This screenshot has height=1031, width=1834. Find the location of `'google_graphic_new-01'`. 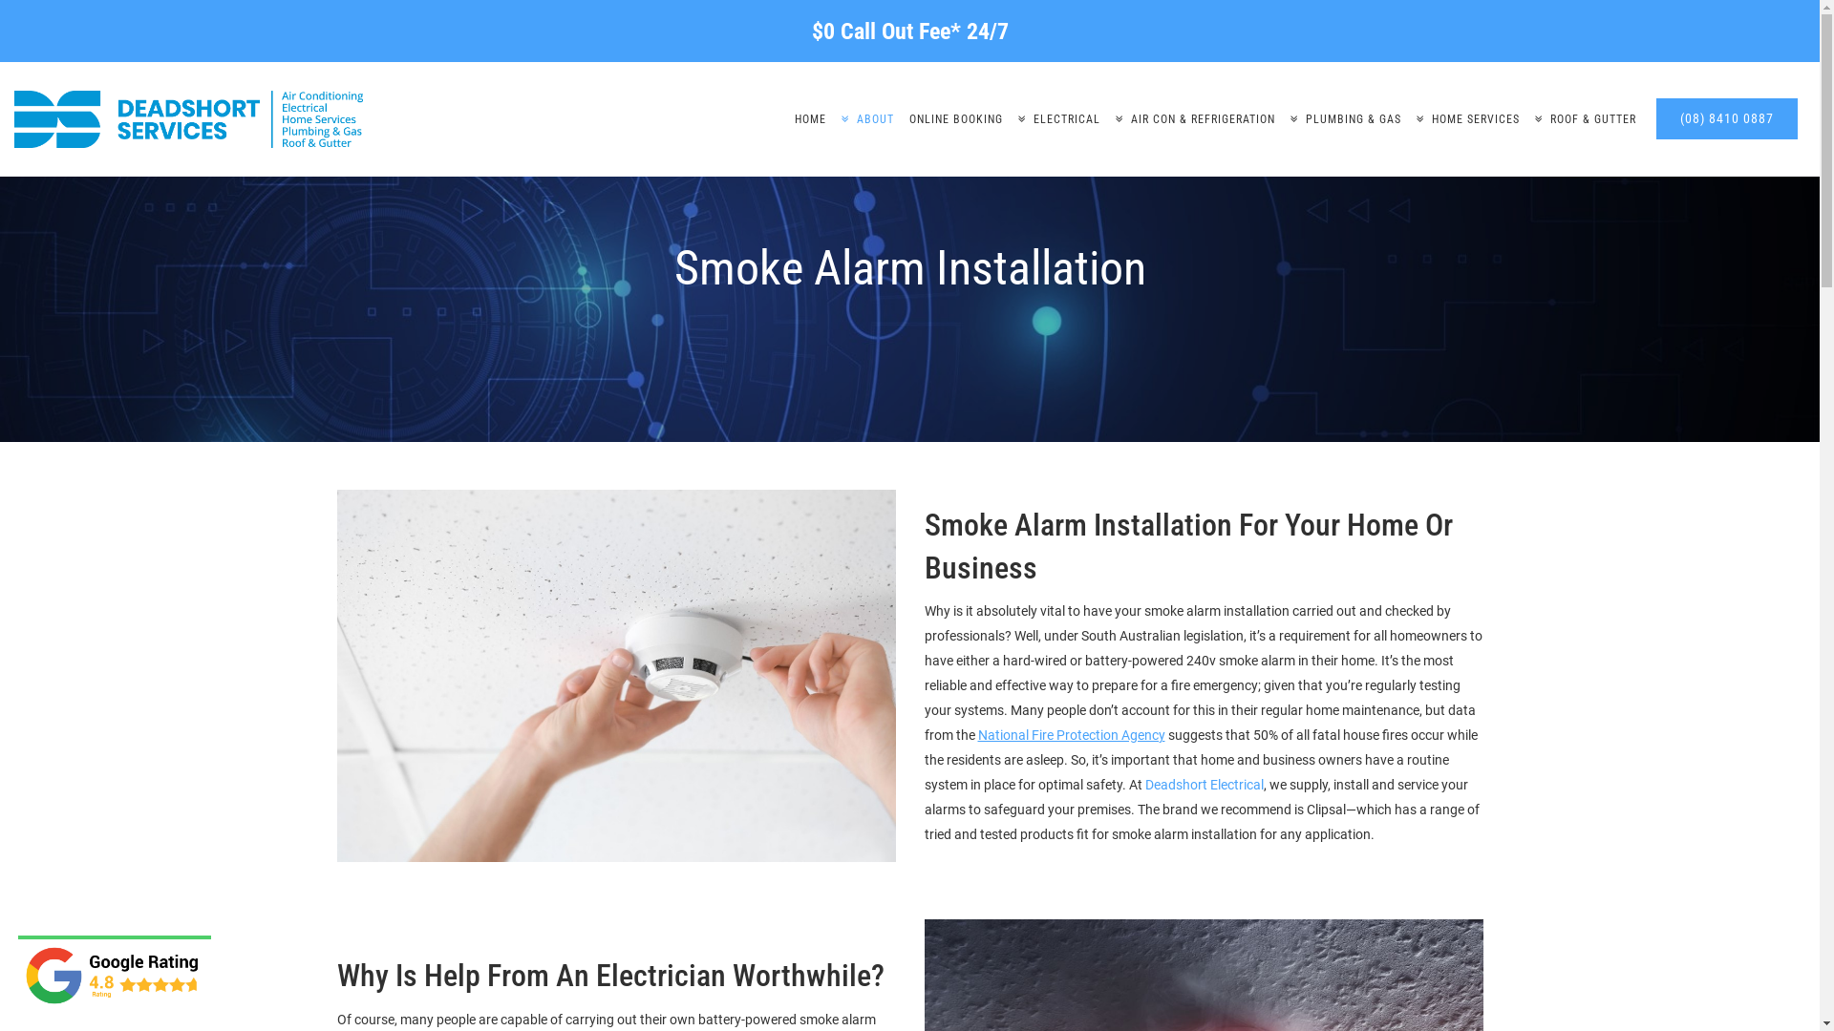

'google_graphic_new-01' is located at coordinates (23, 976).